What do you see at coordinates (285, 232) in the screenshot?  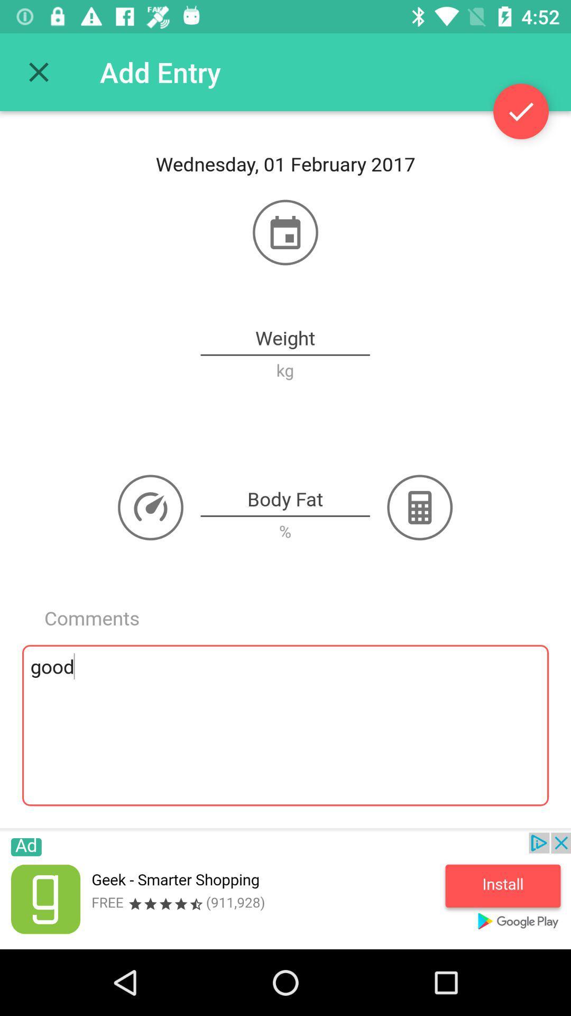 I see `show the calendar` at bounding box center [285, 232].